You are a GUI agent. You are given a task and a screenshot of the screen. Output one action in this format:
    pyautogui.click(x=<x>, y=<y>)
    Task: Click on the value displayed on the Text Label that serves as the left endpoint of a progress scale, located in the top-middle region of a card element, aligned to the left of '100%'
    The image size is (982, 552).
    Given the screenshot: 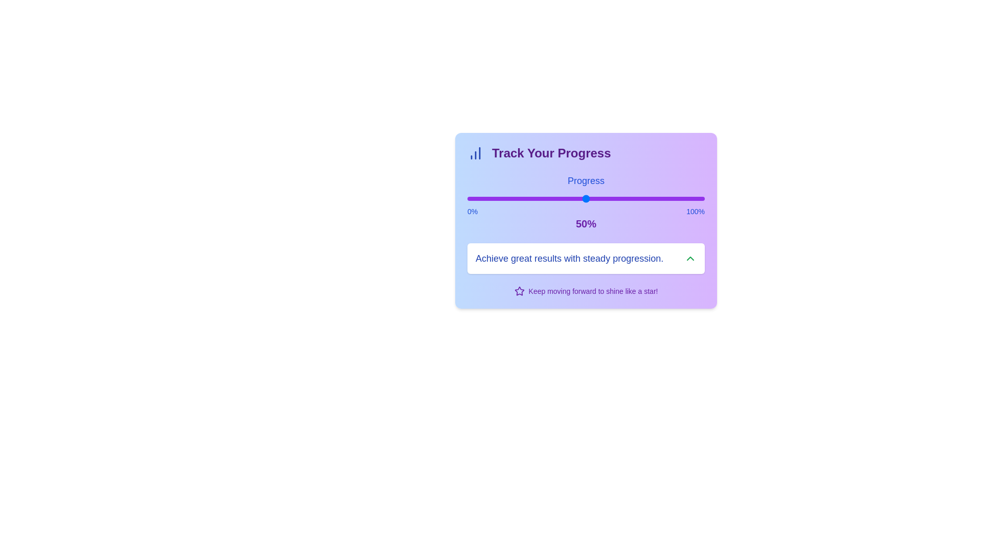 What is the action you would take?
    pyautogui.click(x=472, y=211)
    